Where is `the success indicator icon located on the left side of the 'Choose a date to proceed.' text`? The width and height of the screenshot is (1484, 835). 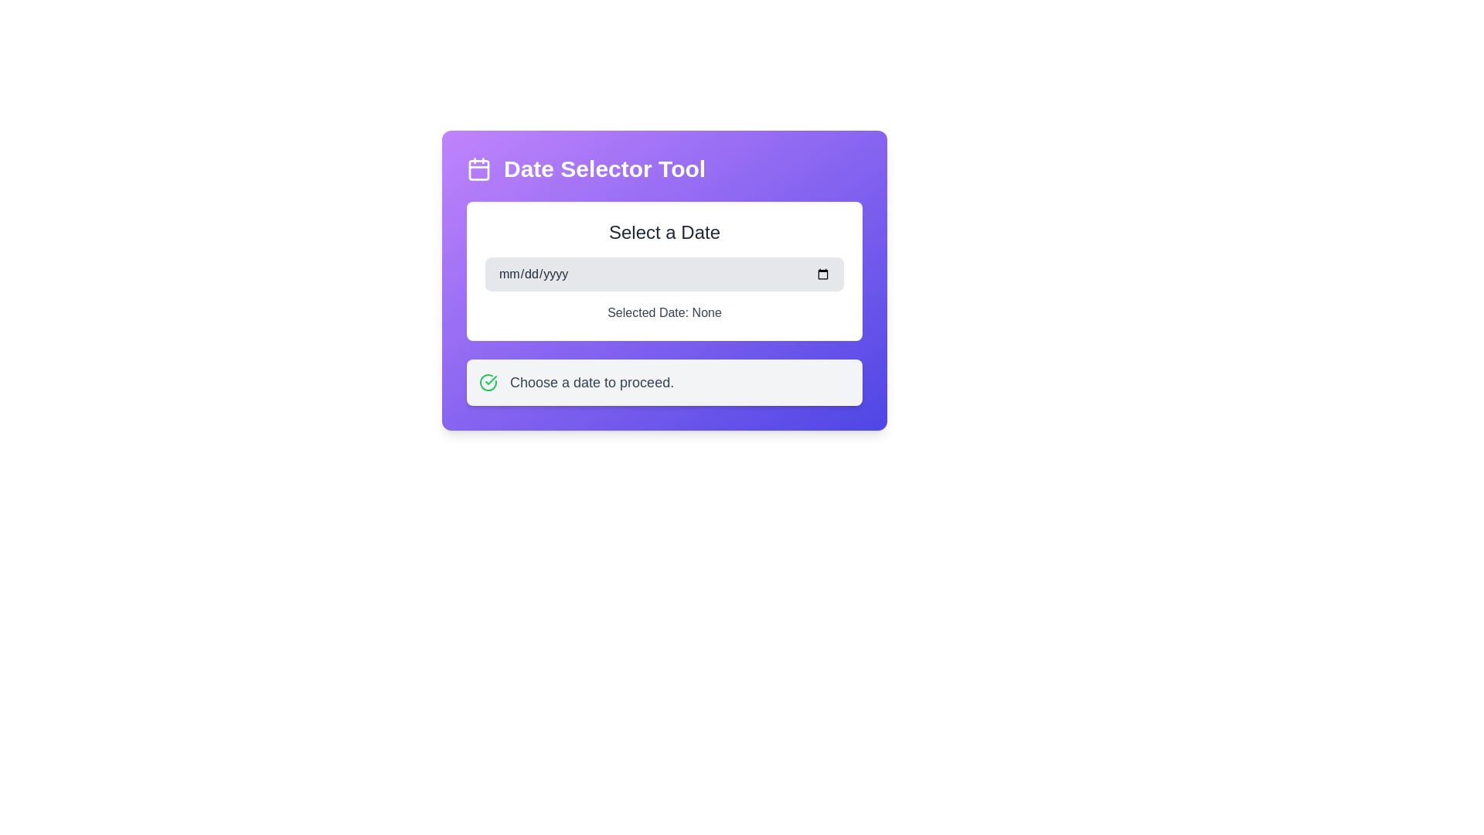
the success indicator icon located on the left side of the 'Choose a date to proceed.' text is located at coordinates (488, 382).